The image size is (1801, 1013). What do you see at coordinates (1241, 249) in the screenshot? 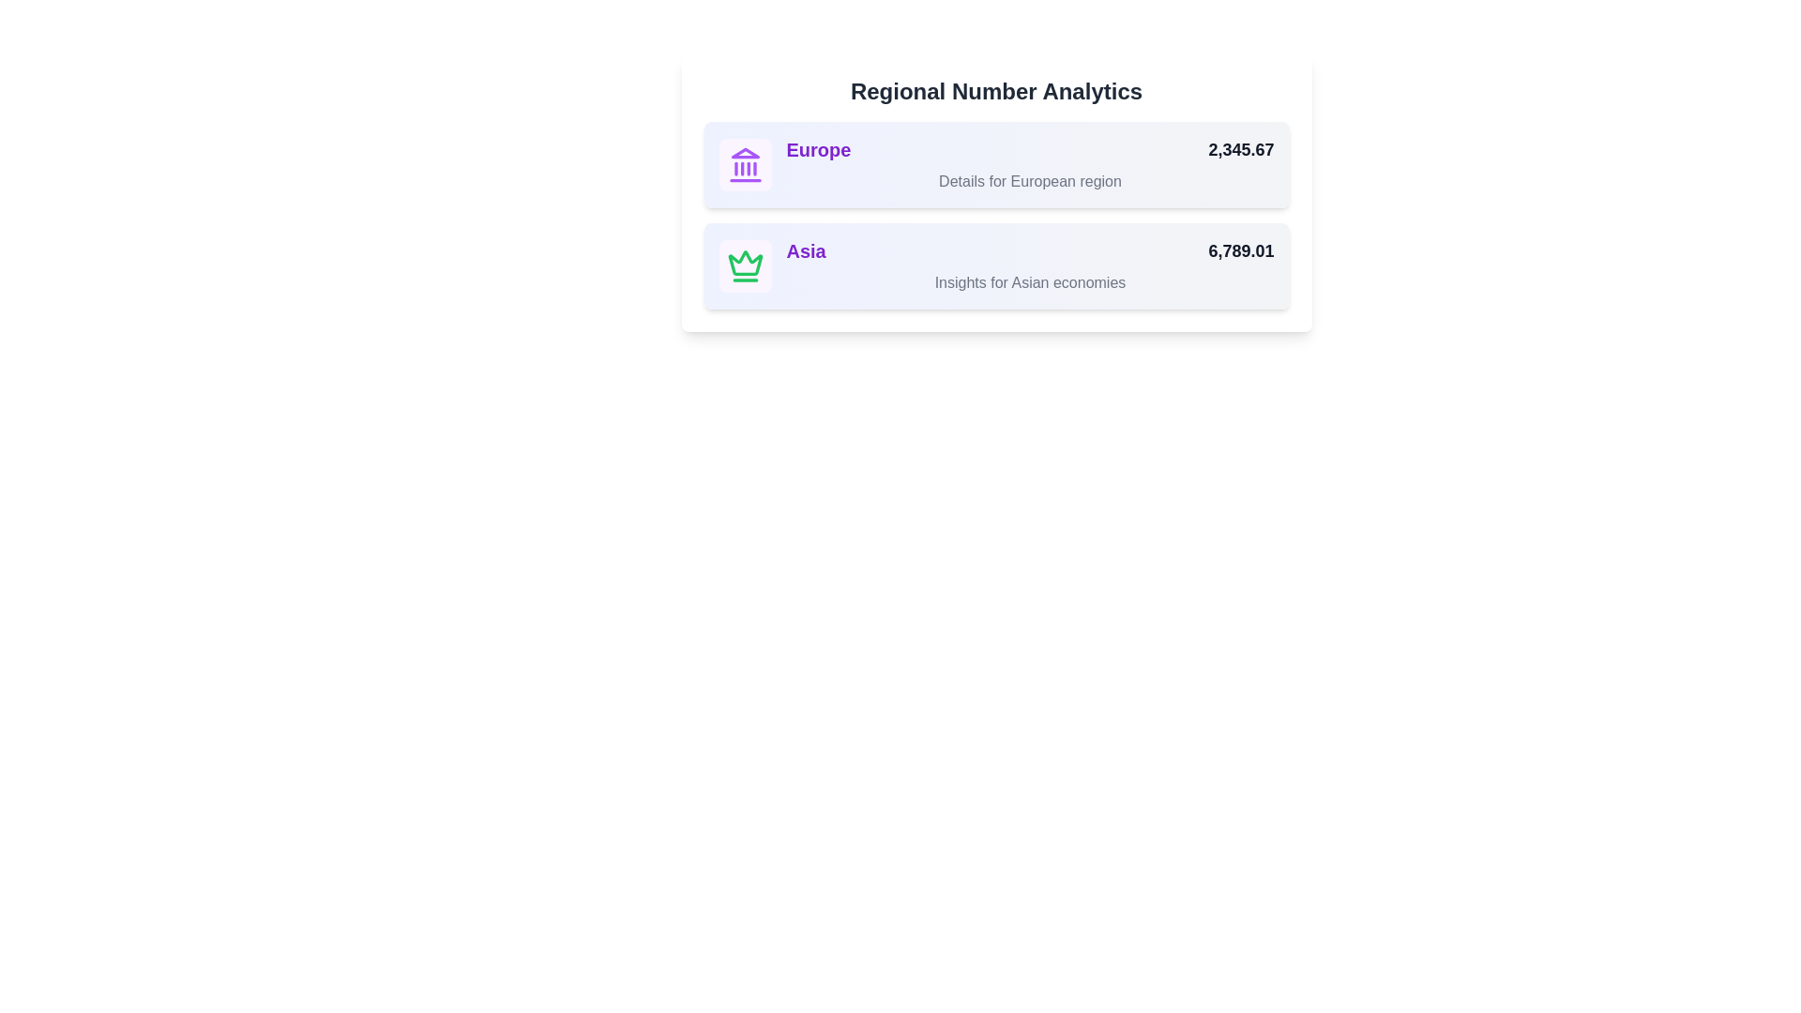
I see `the text label displaying the numeric value '6,789.01' which is bold and dark gray, located to the right of the label 'Asia'` at bounding box center [1241, 249].